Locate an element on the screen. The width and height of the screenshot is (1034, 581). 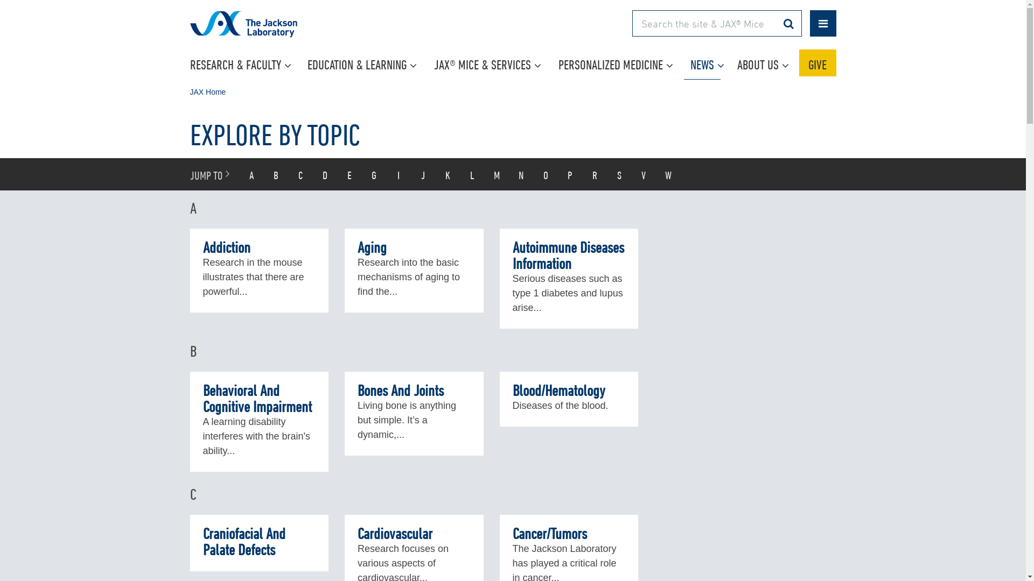
'R' is located at coordinates (594, 174).